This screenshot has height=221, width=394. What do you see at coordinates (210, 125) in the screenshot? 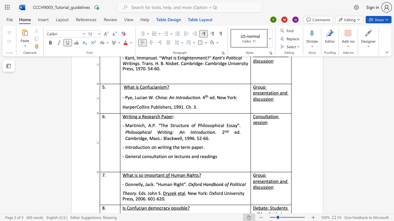
I see `the space between the continuous character "s" and "o" in the text` at bounding box center [210, 125].